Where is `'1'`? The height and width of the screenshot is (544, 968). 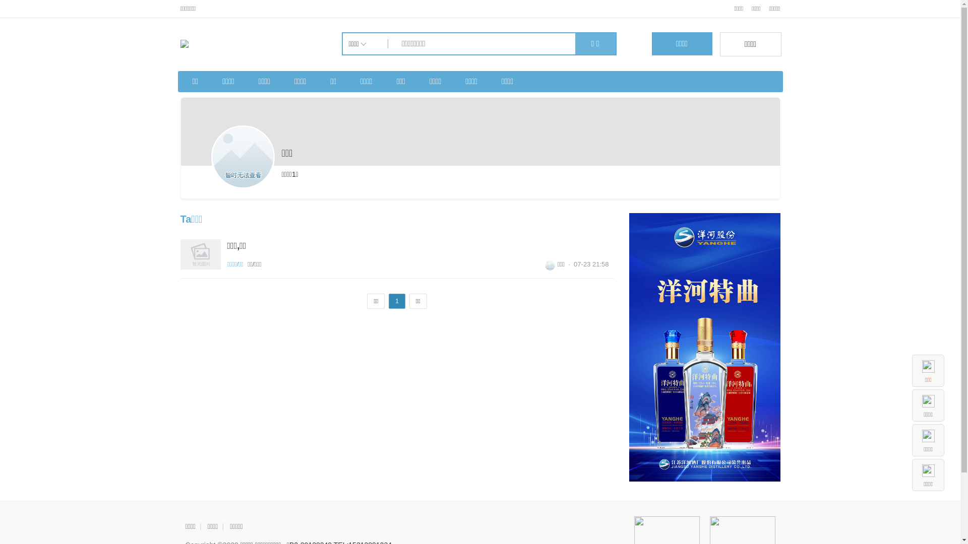 '1' is located at coordinates (396, 300).